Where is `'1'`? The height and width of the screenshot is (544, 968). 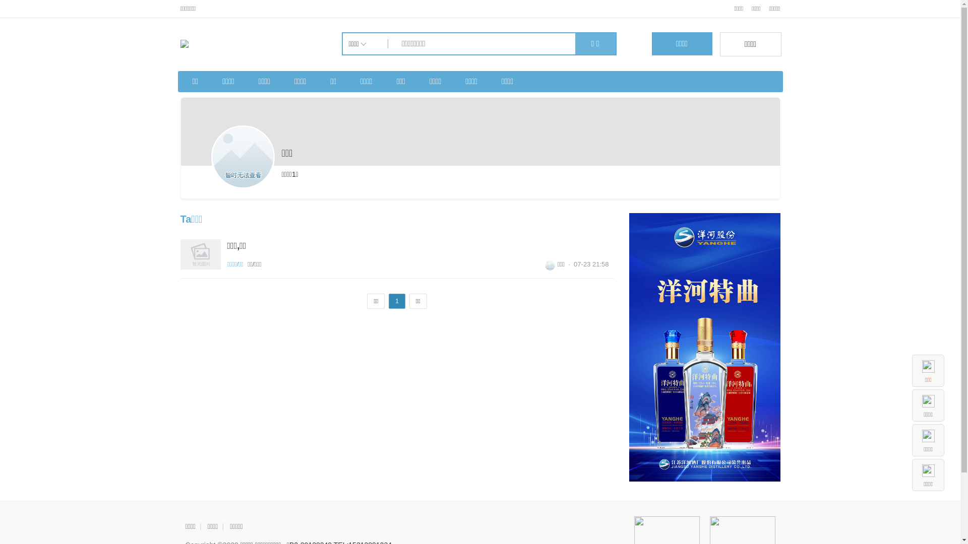 '1' is located at coordinates (396, 300).